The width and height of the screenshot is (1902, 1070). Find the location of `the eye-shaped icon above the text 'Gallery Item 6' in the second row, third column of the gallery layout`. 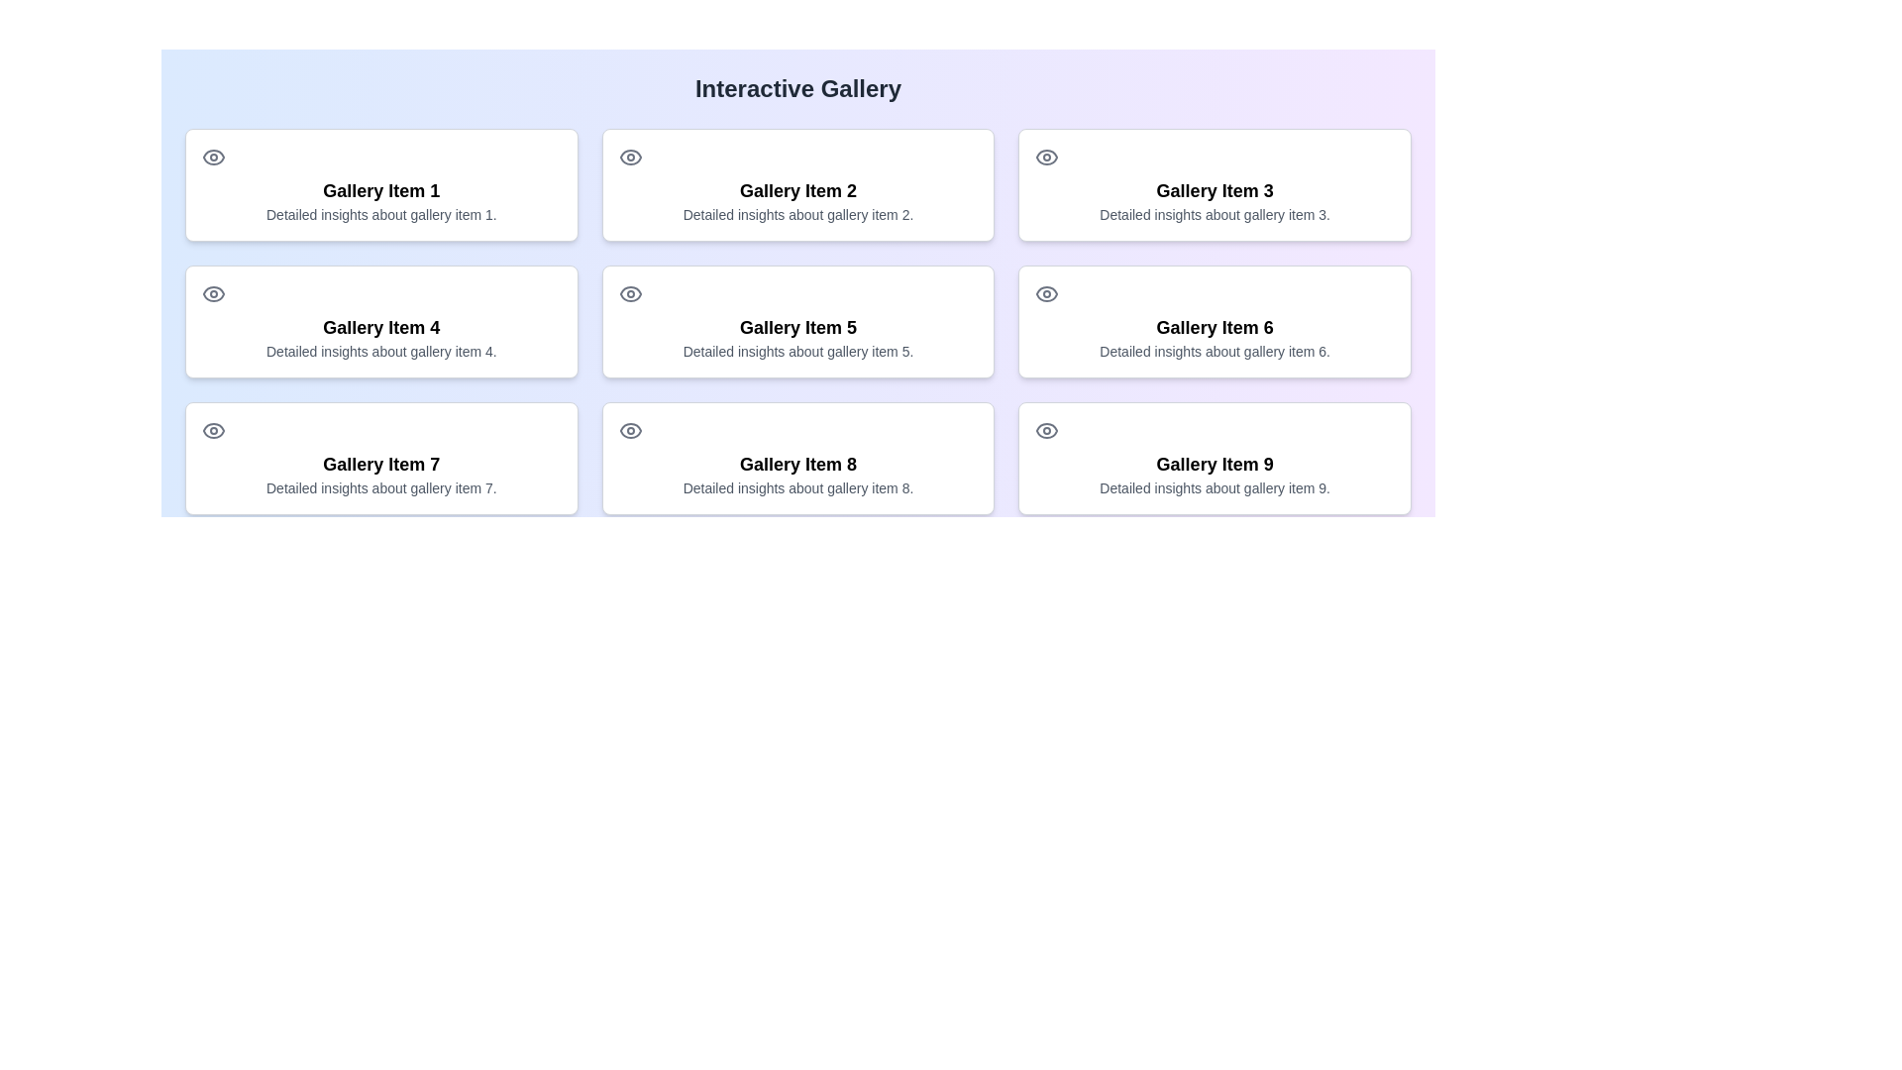

the eye-shaped icon above the text 'Gallery Item 6' in the second row, third column of the gallery layout is located at coordinates (1046, 294).